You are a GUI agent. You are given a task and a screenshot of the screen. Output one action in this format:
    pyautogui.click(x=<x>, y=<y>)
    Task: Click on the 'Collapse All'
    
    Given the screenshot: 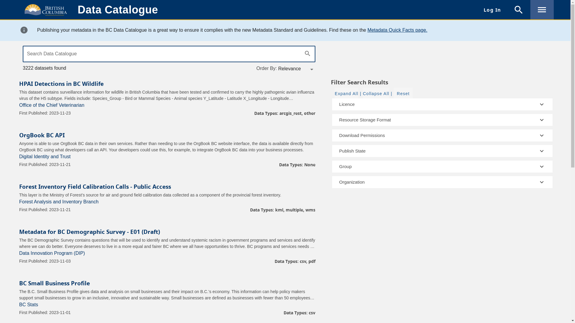 What is the action you would take?
    pyautogui.click(x=375, y=93)
    